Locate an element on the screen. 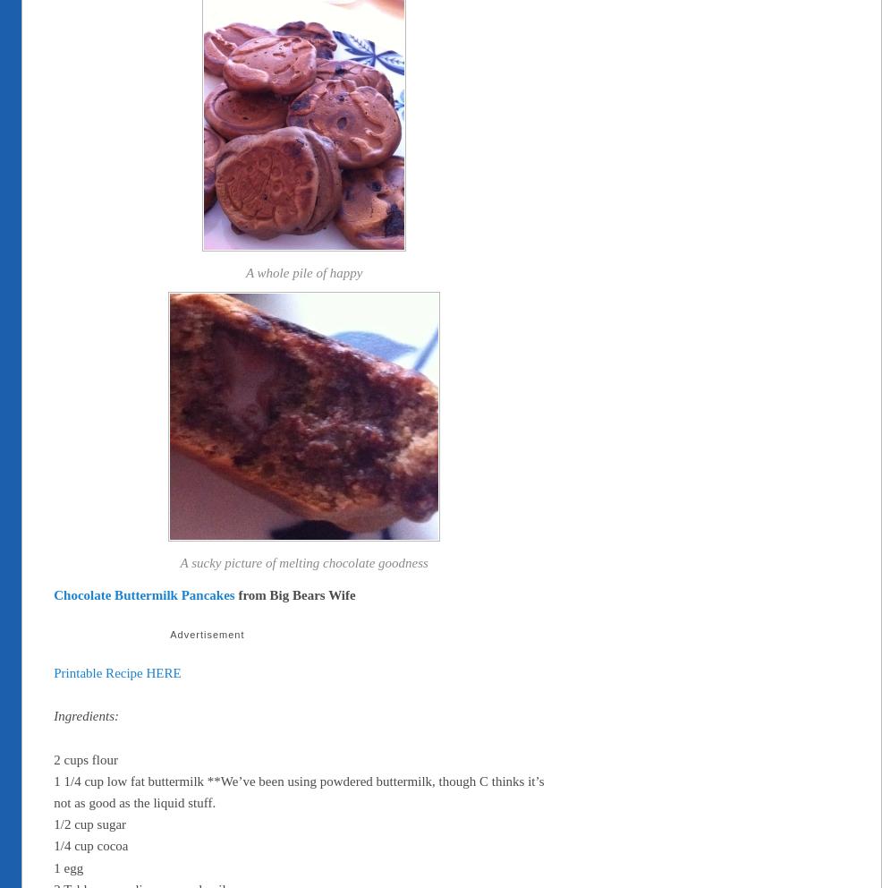  'A sucky picture of melting chocolate goodness' is located at coordinates (302, 563).